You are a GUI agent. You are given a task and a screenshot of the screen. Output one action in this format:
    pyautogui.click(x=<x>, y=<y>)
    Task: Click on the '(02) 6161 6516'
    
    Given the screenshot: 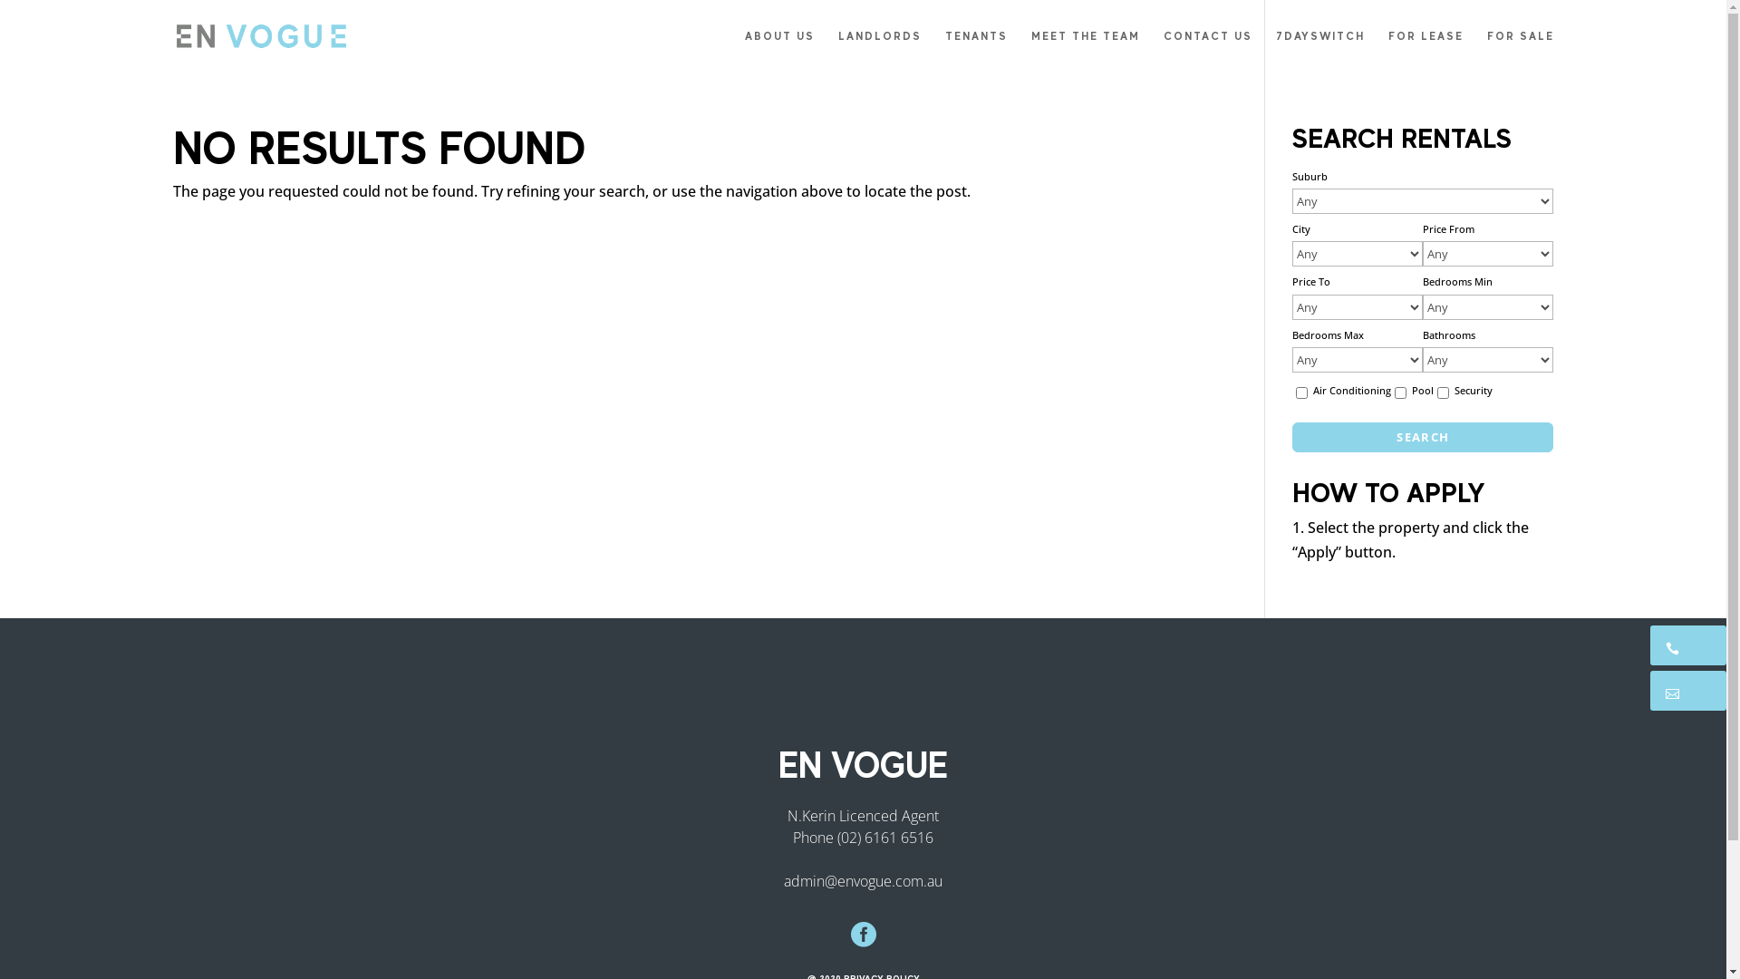 What is the action you would take?
    pyautogui.click(x=836, y=836)
    